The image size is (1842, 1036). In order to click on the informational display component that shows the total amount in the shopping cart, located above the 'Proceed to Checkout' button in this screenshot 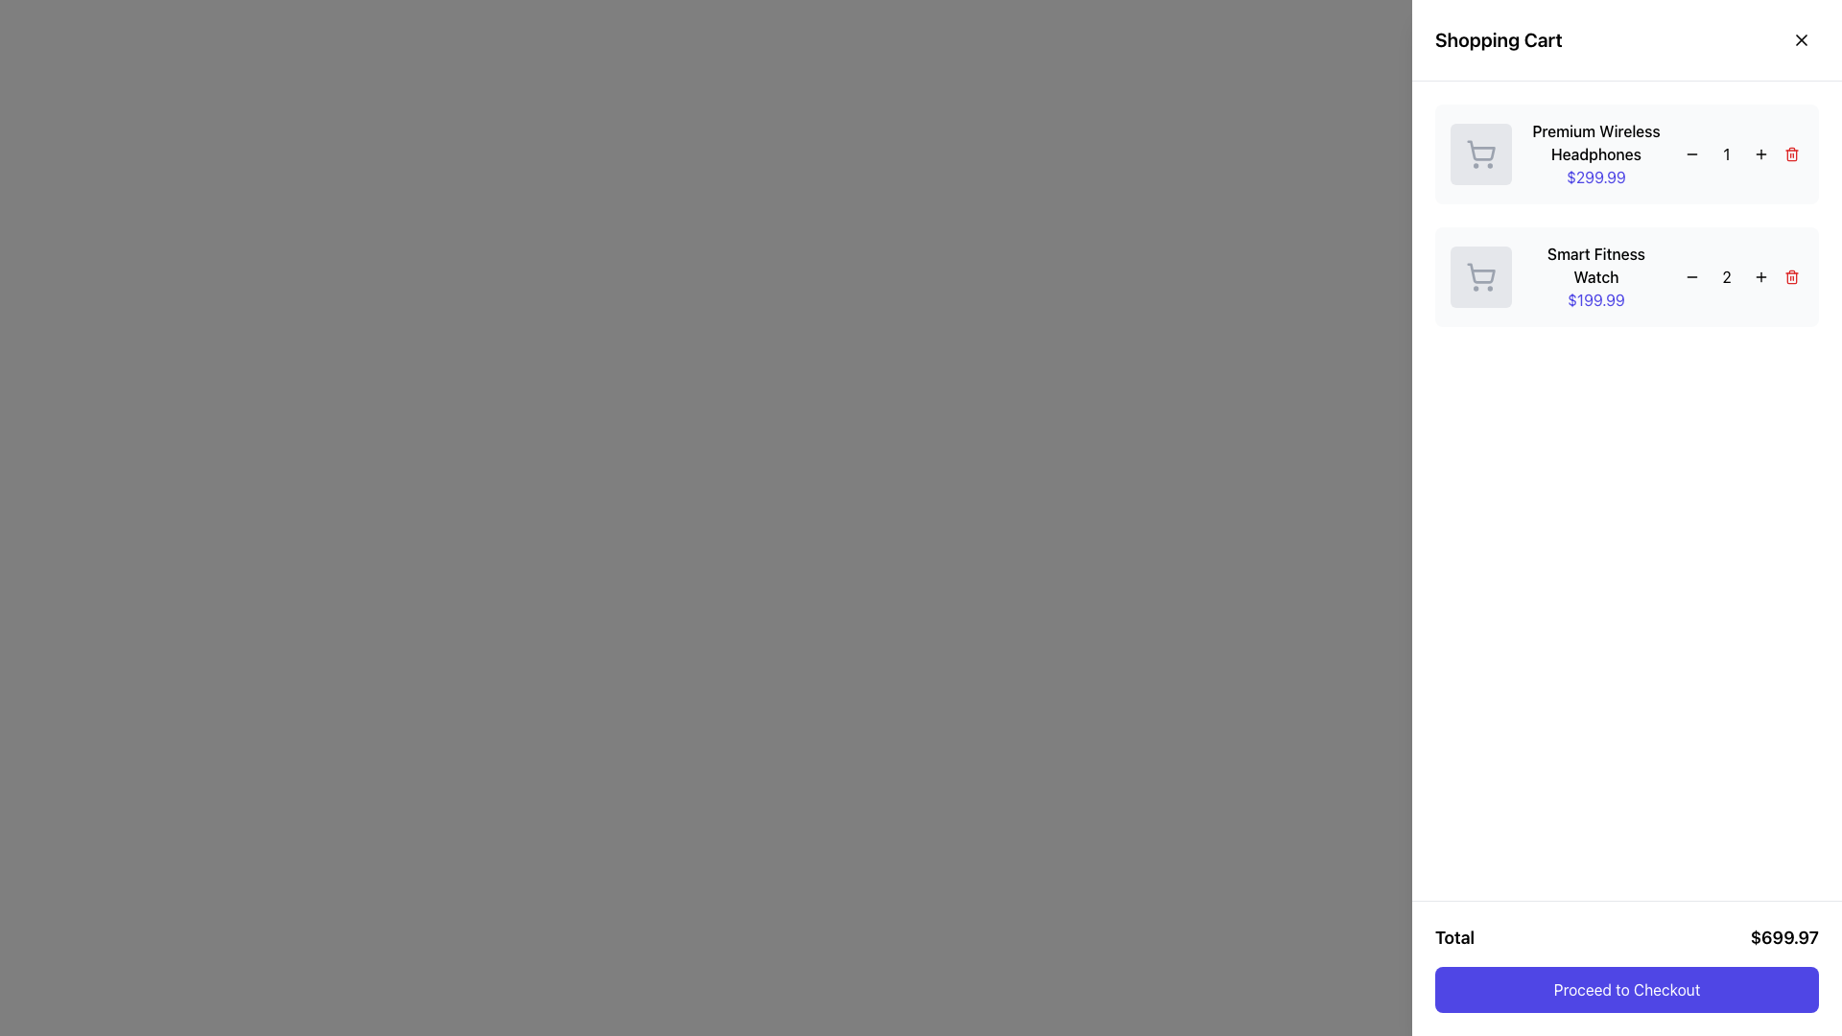, I will do `click(1625, 937)`.